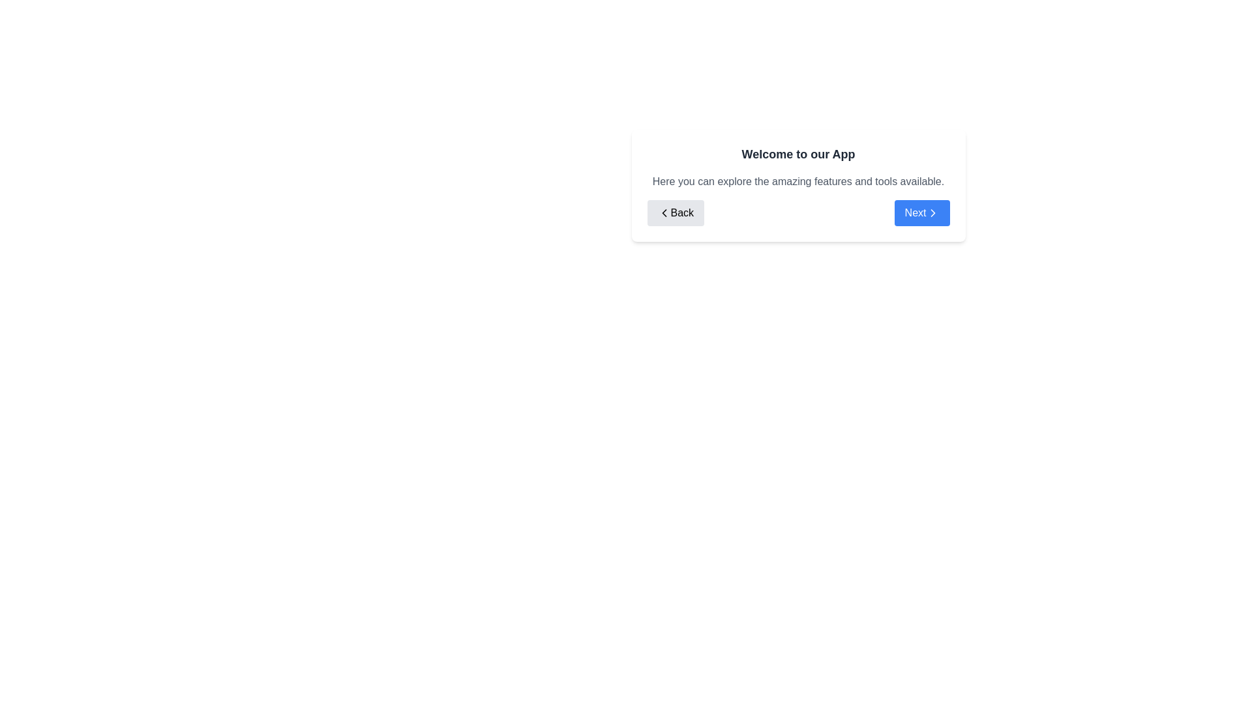 The width and height of the screenshot is (1252, 704). I want to click on the progress indicator icon located at the rightmost part of the 'Next' button in the bottom-right corner of the dialog box, so click(932, 213).